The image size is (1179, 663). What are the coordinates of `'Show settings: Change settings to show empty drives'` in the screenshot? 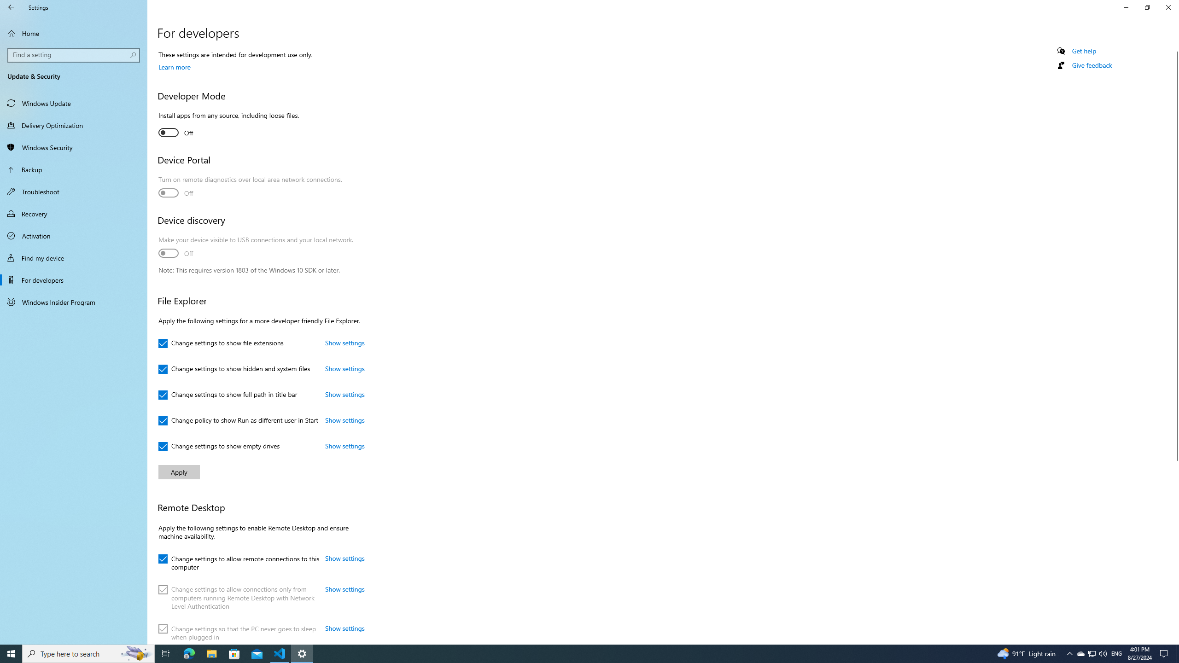 It's located at (344, 446).